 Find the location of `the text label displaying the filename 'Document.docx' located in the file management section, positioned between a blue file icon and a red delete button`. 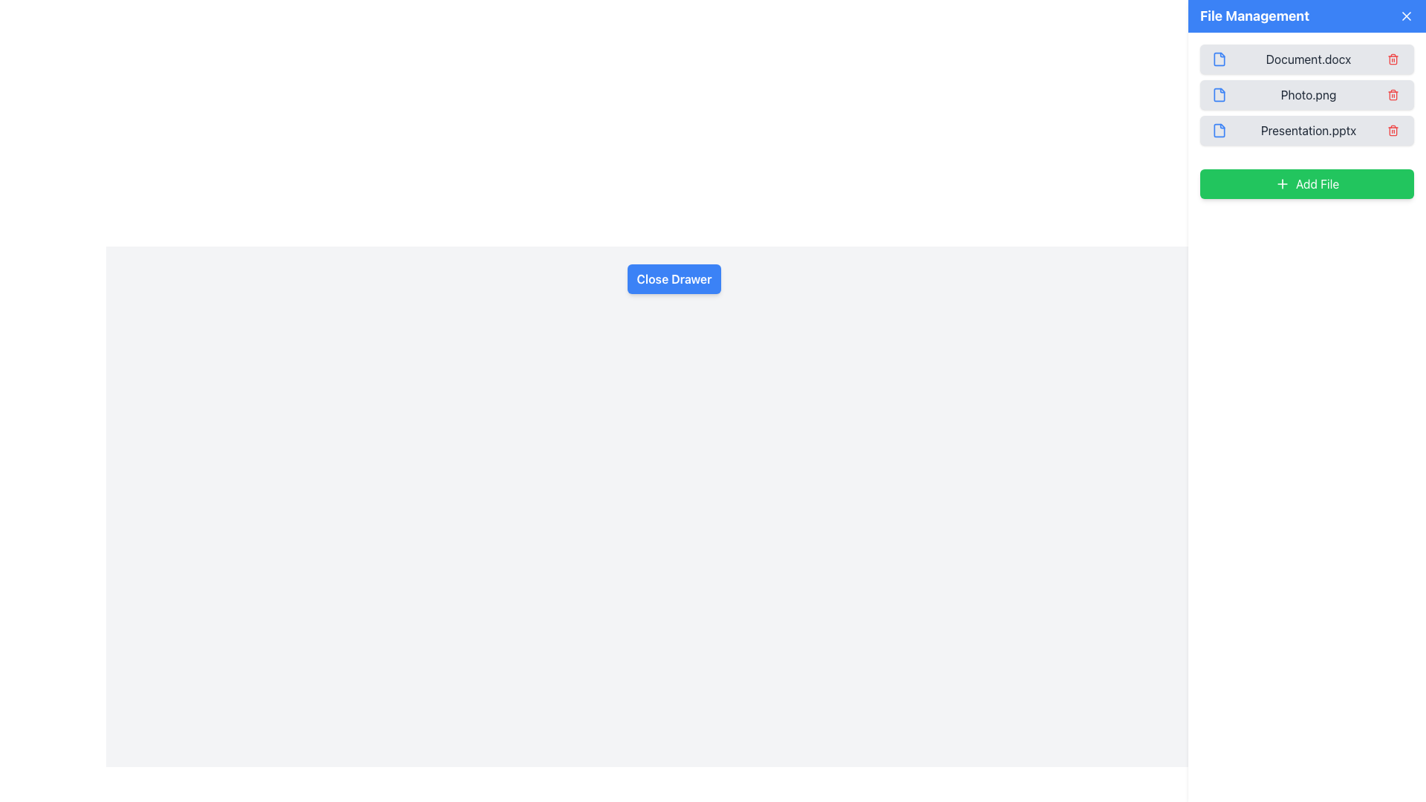

the text label displaying the filename 'Document.docx' located in the file management section, positioned between a blue file icon and a red delete button is located at coordinates (1308, 59).